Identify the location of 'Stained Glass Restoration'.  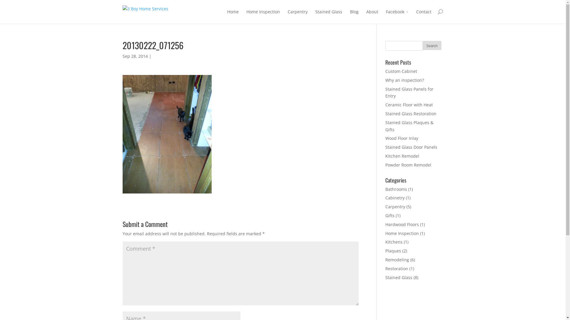
(410, 113).